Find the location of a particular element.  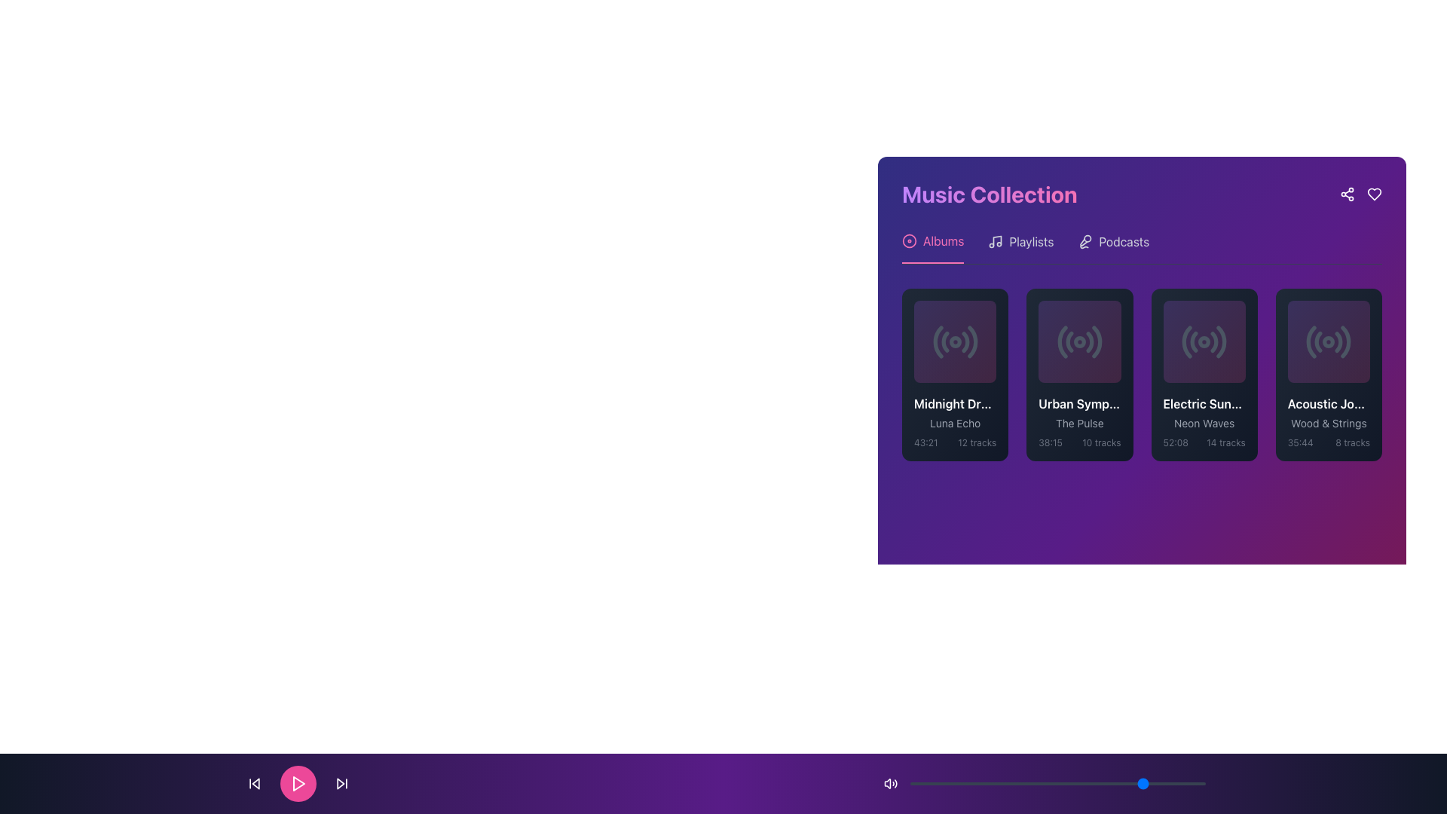

the 'Neon Waves' text label in the lower section of the third card from the left in the 'Music Collection' section to trigger the tooltip is located at coordinates (1204, 424).